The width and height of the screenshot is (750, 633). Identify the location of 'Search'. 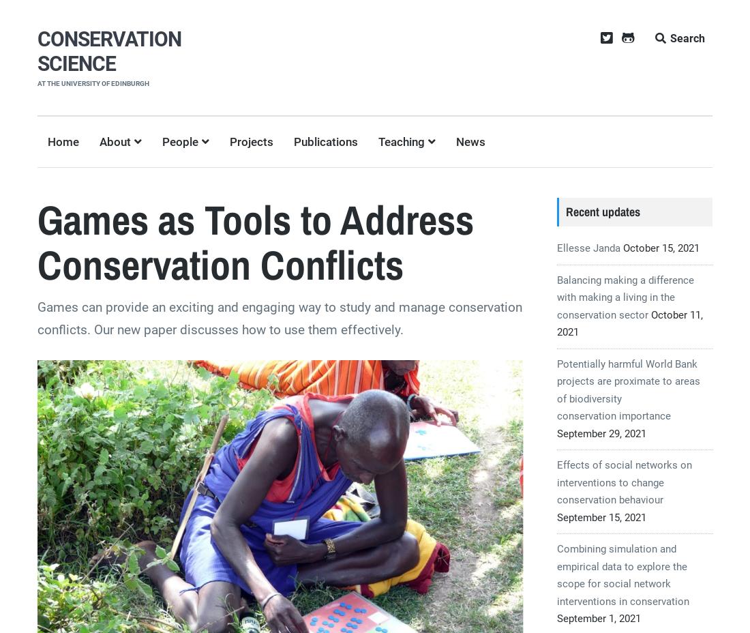
(685, 37).